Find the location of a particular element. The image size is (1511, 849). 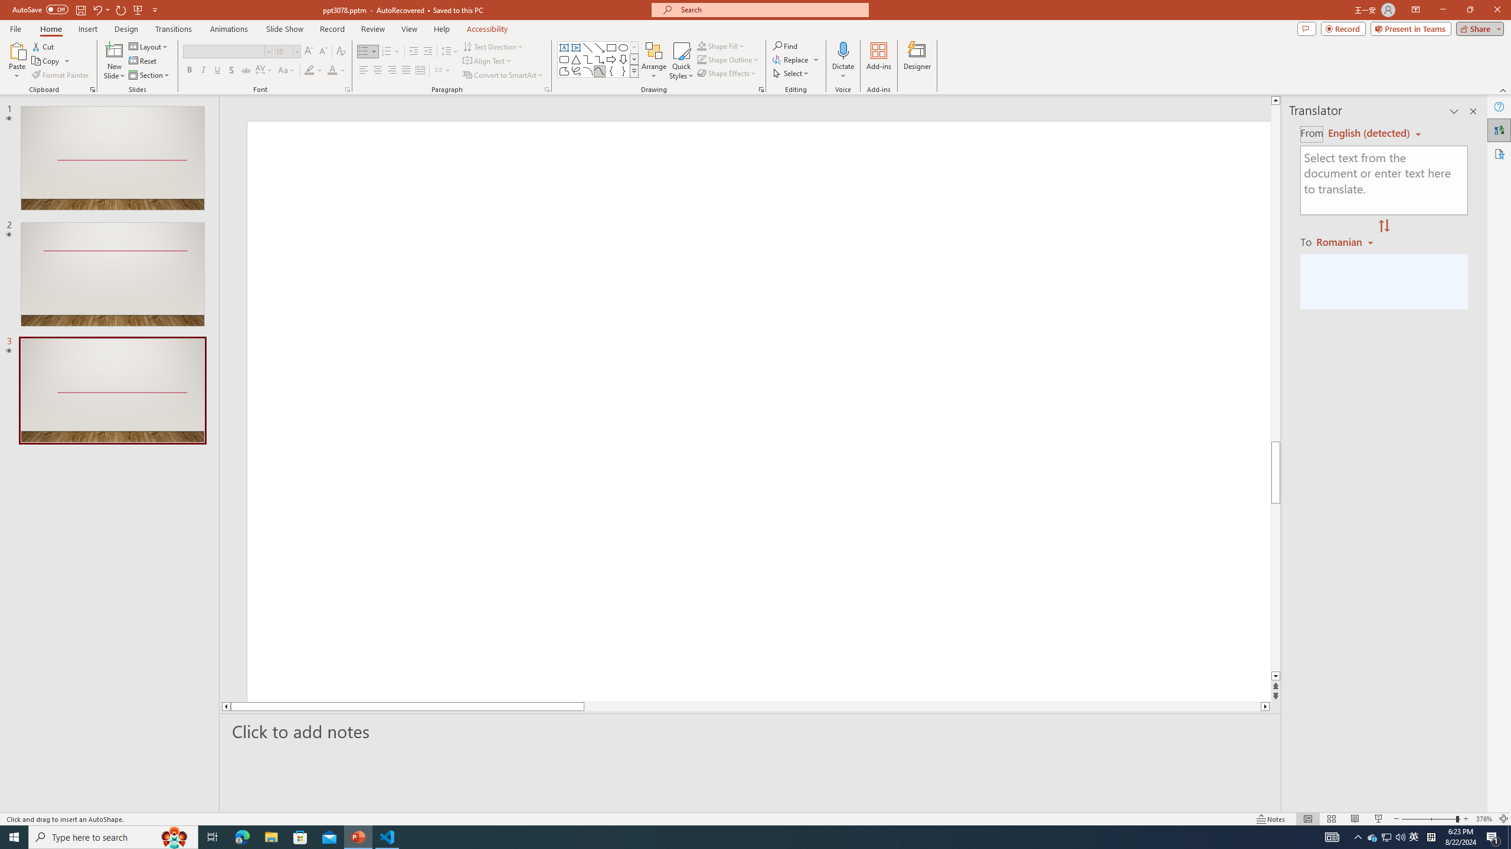

'Design' is located at coordinates (127, 29).